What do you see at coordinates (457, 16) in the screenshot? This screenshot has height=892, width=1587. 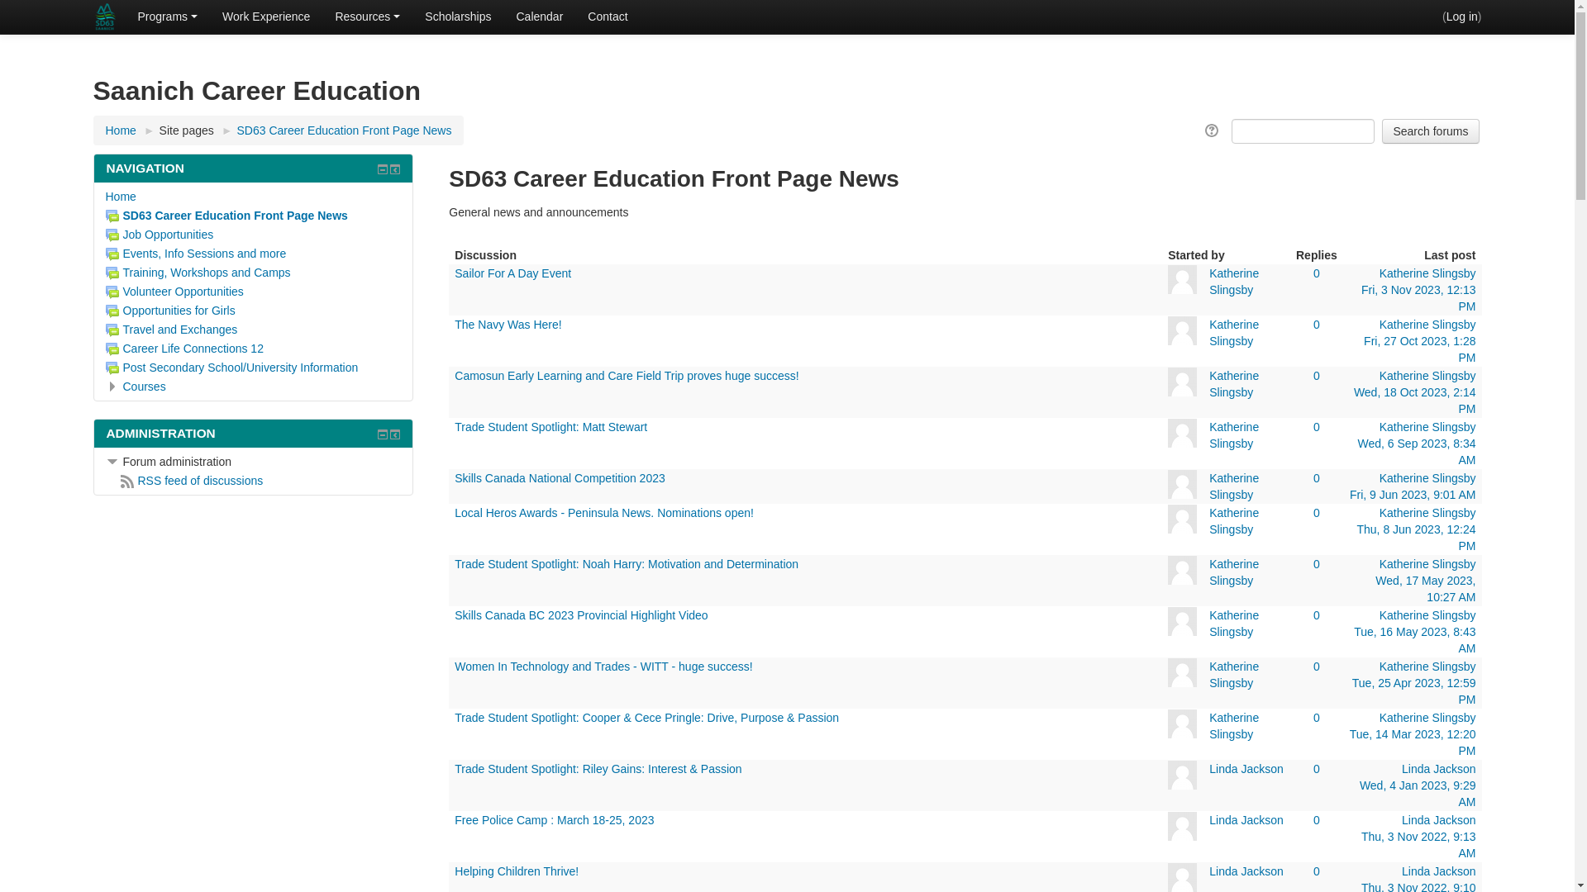 I see `'Scholarships'` at bounding box center [457, 16].